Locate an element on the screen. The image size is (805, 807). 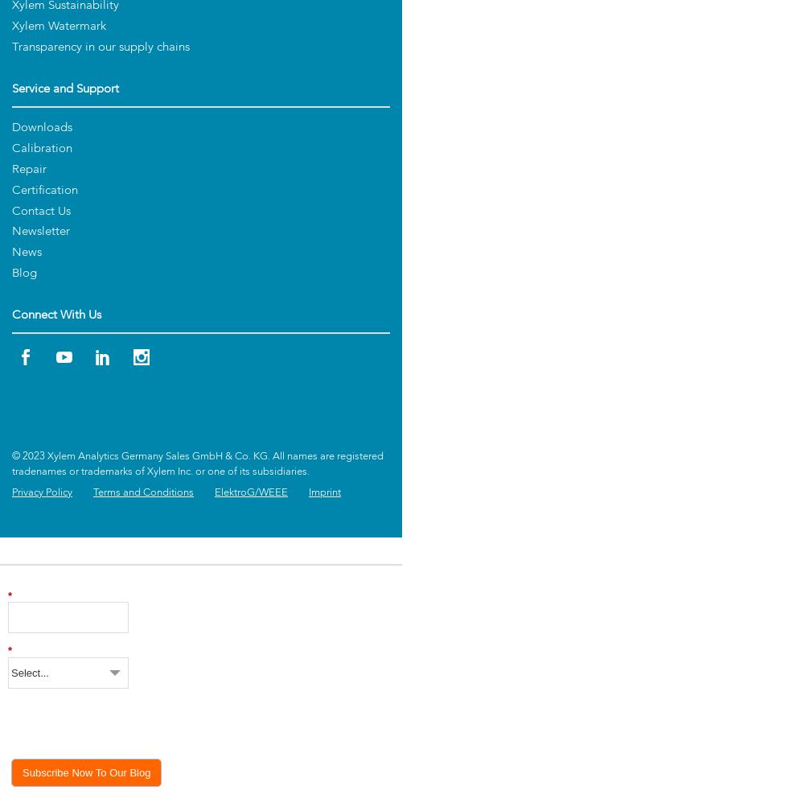
'ElektroG/WEEE' is located at coordinates (251, 492).